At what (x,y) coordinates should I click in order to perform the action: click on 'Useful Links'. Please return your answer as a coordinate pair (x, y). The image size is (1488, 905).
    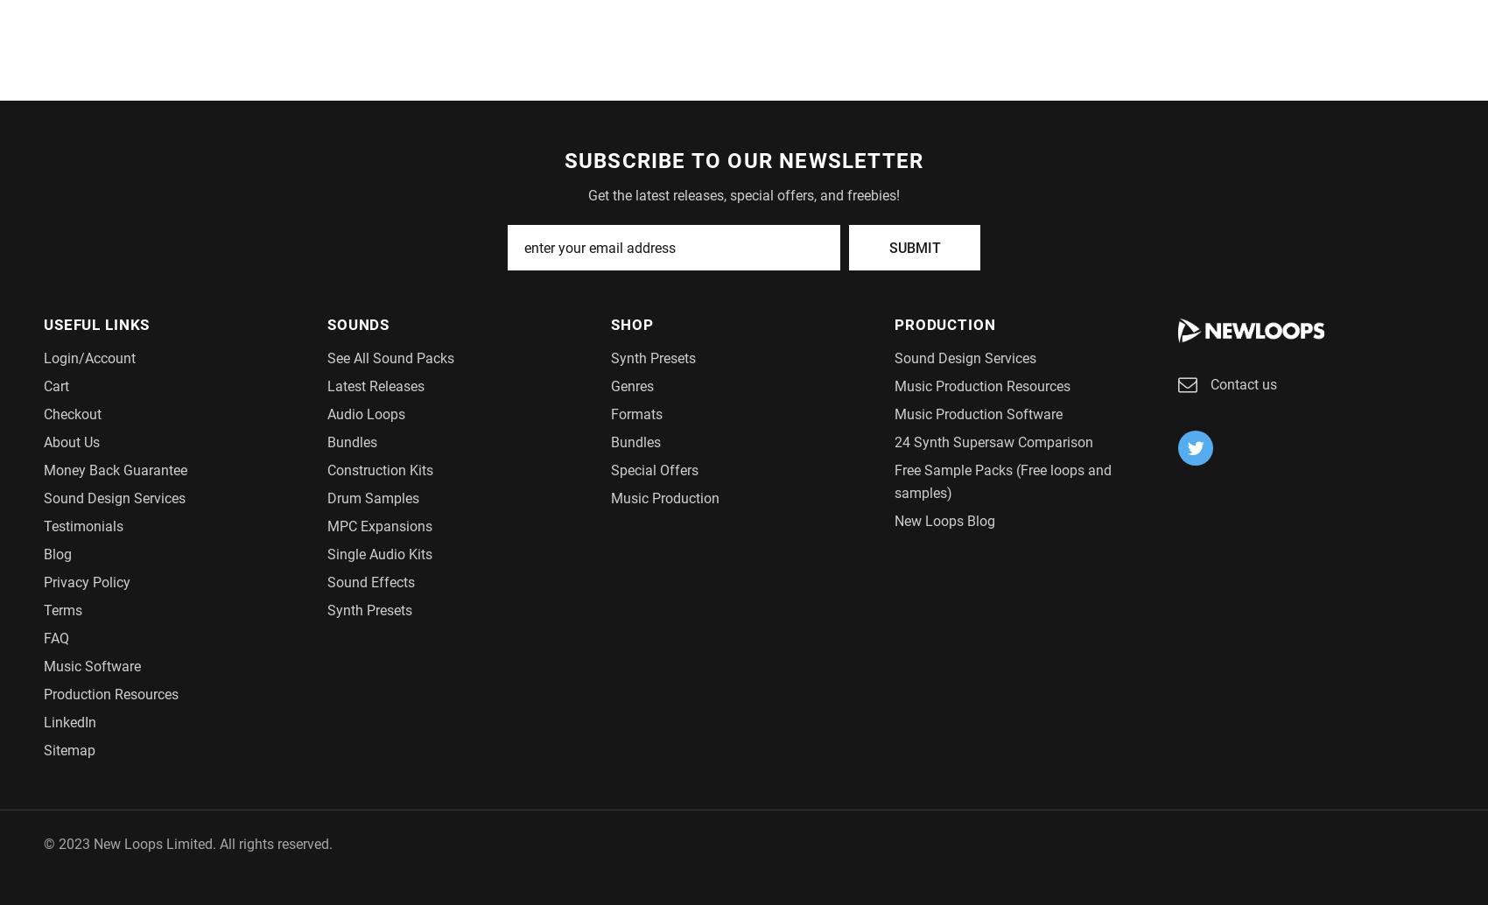
    Looking at the image, I should click on (95, 322).